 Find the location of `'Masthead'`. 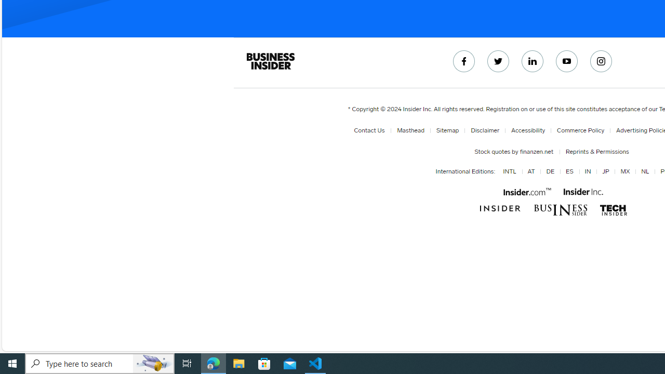

'Masthead' is located at coordinates (410, 130).